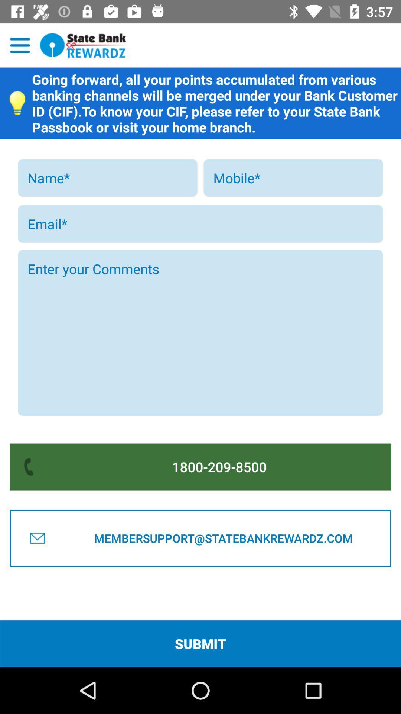 The height and width of the screenshot is (714, 401). What do you see at coordinates (200, 223) in the screenshot?
I see `email address` at bounding box center [200, 223].